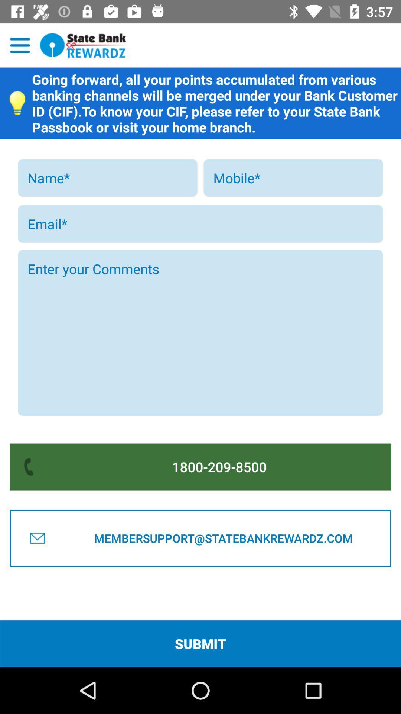 The height and width of the screenshot is (714, 401). What do you see at coordinates (200, 223) in the screenshot?
I see `email address` at bounding box center [200, 223].